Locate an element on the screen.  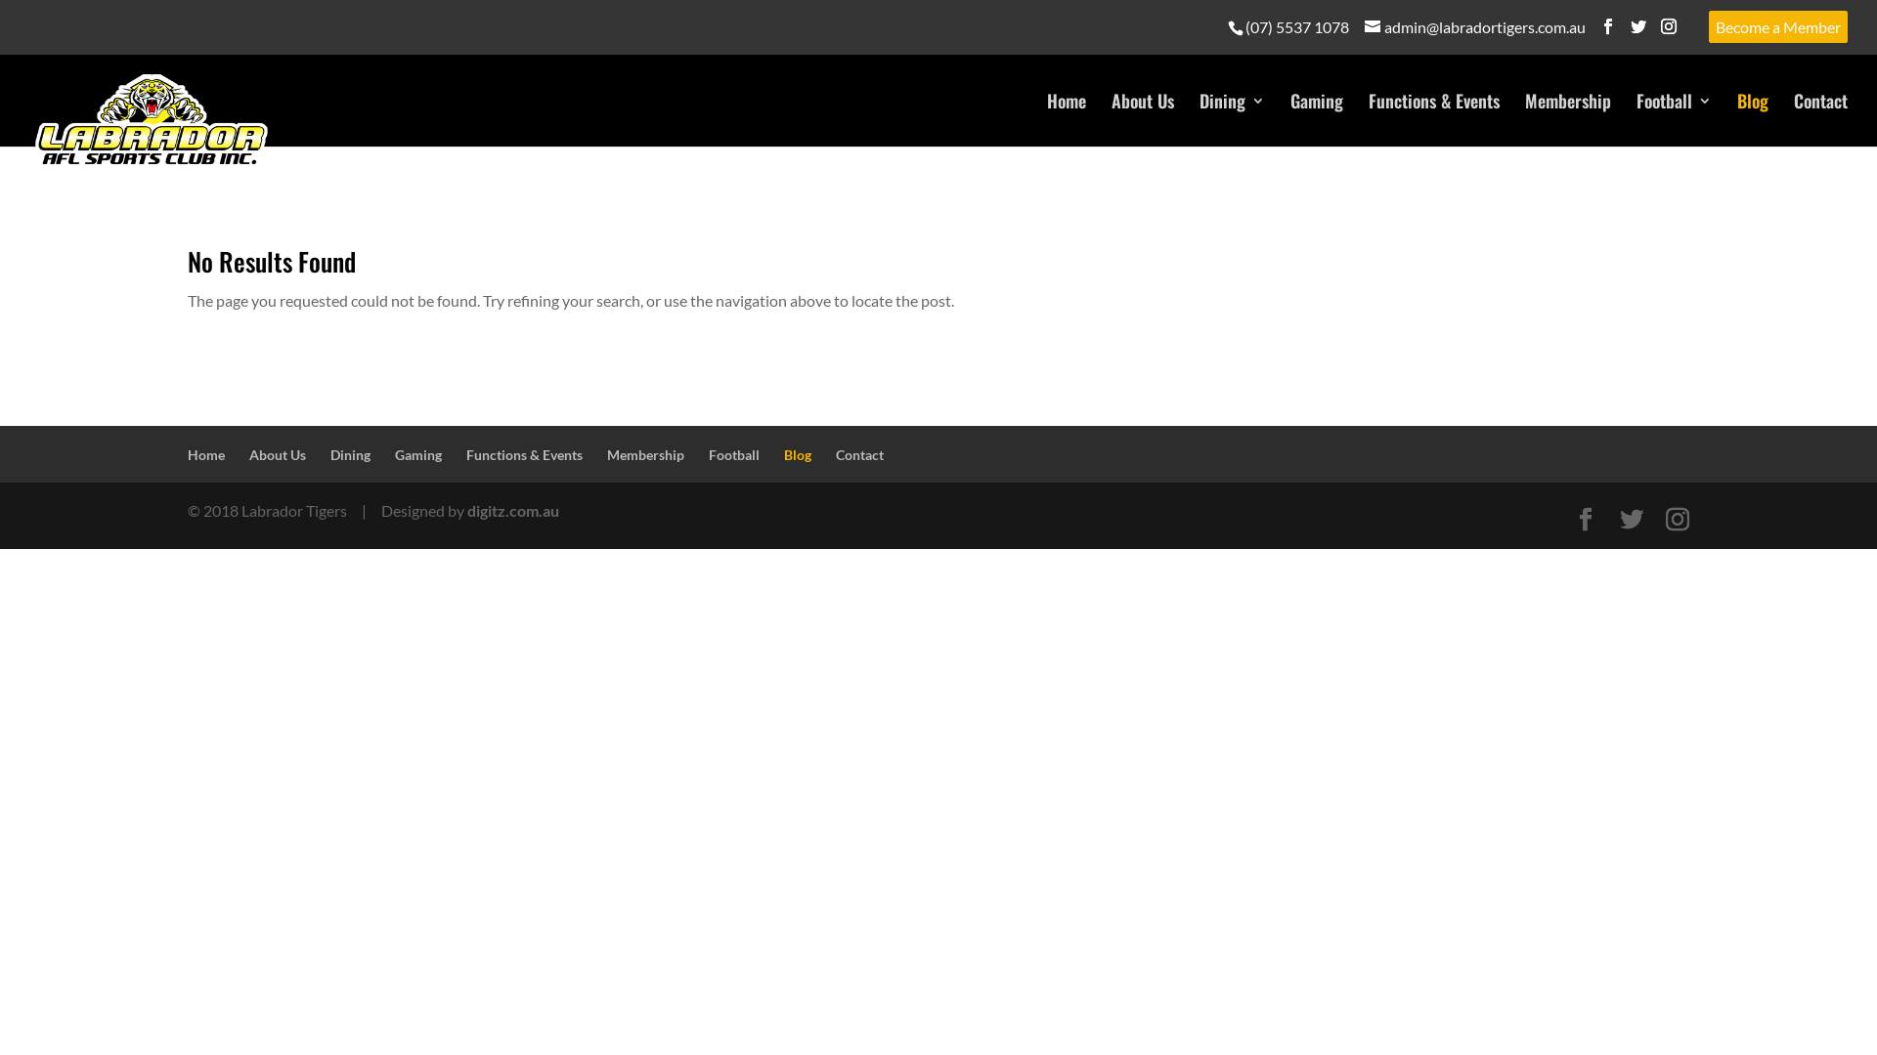
'Become a Member' is located at coordinates (1778, 26).